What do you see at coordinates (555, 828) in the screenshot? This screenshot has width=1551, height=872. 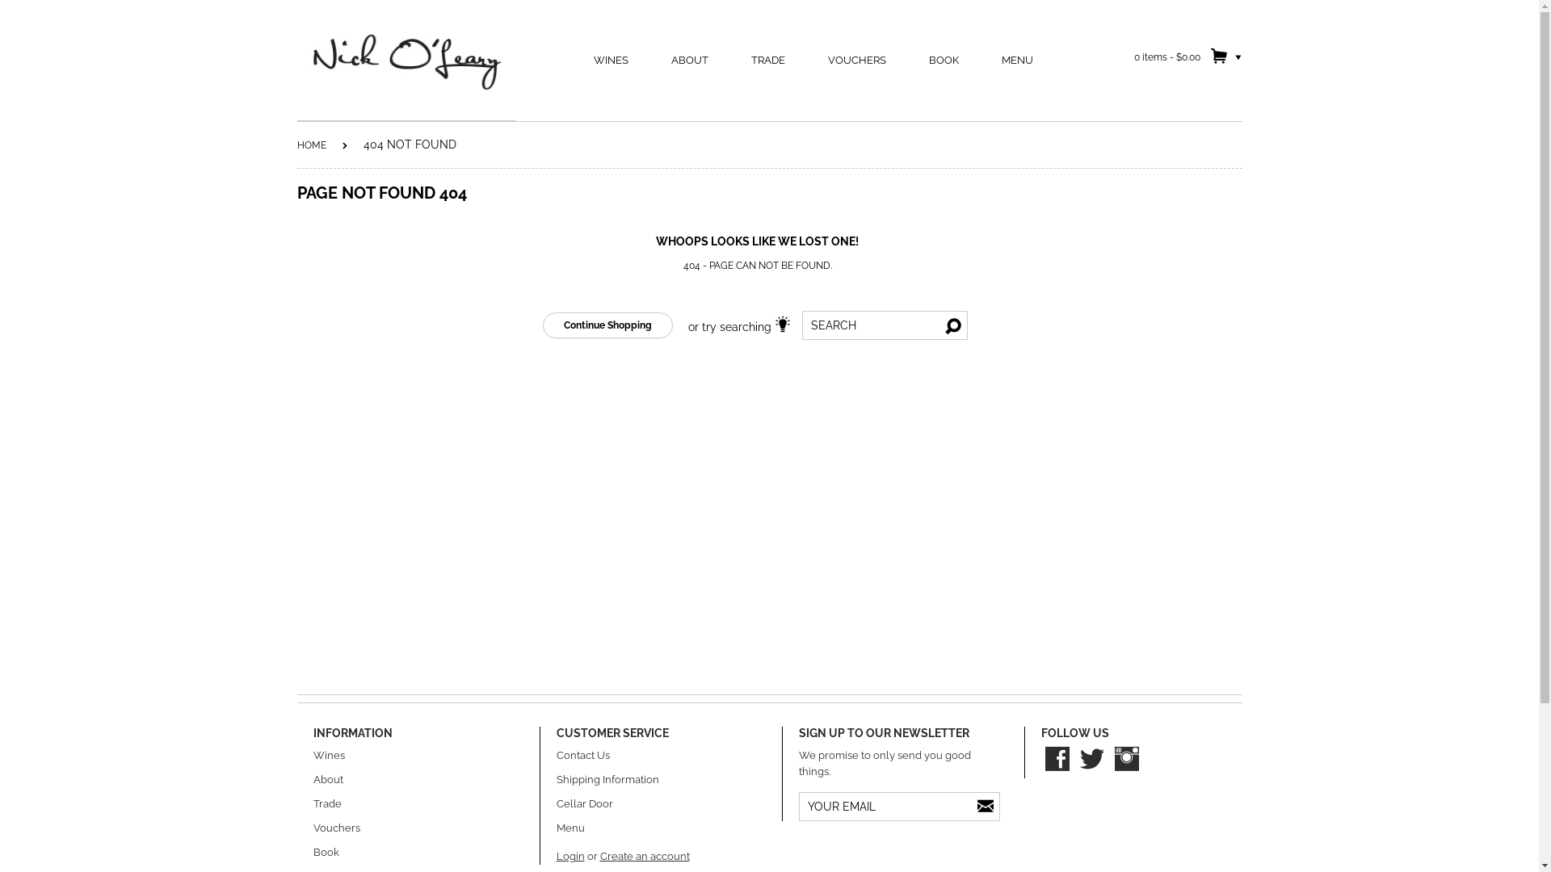 I see `'Menu'` at bounding box center [555, 828].